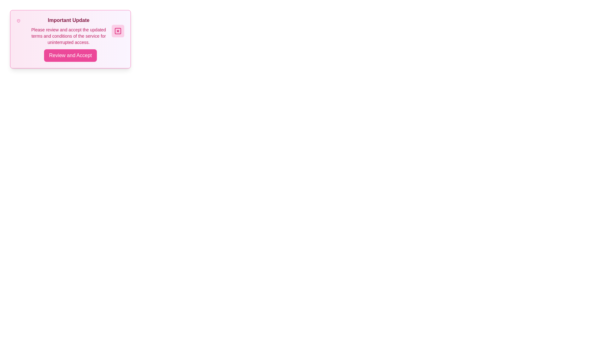 Image resolution: width=604 pixels, height=339 pixels. I want to click on the text block that provides additional information about updated terms and conditions, which appears beneath the bold title 'Important Update.', so click(69, 36).